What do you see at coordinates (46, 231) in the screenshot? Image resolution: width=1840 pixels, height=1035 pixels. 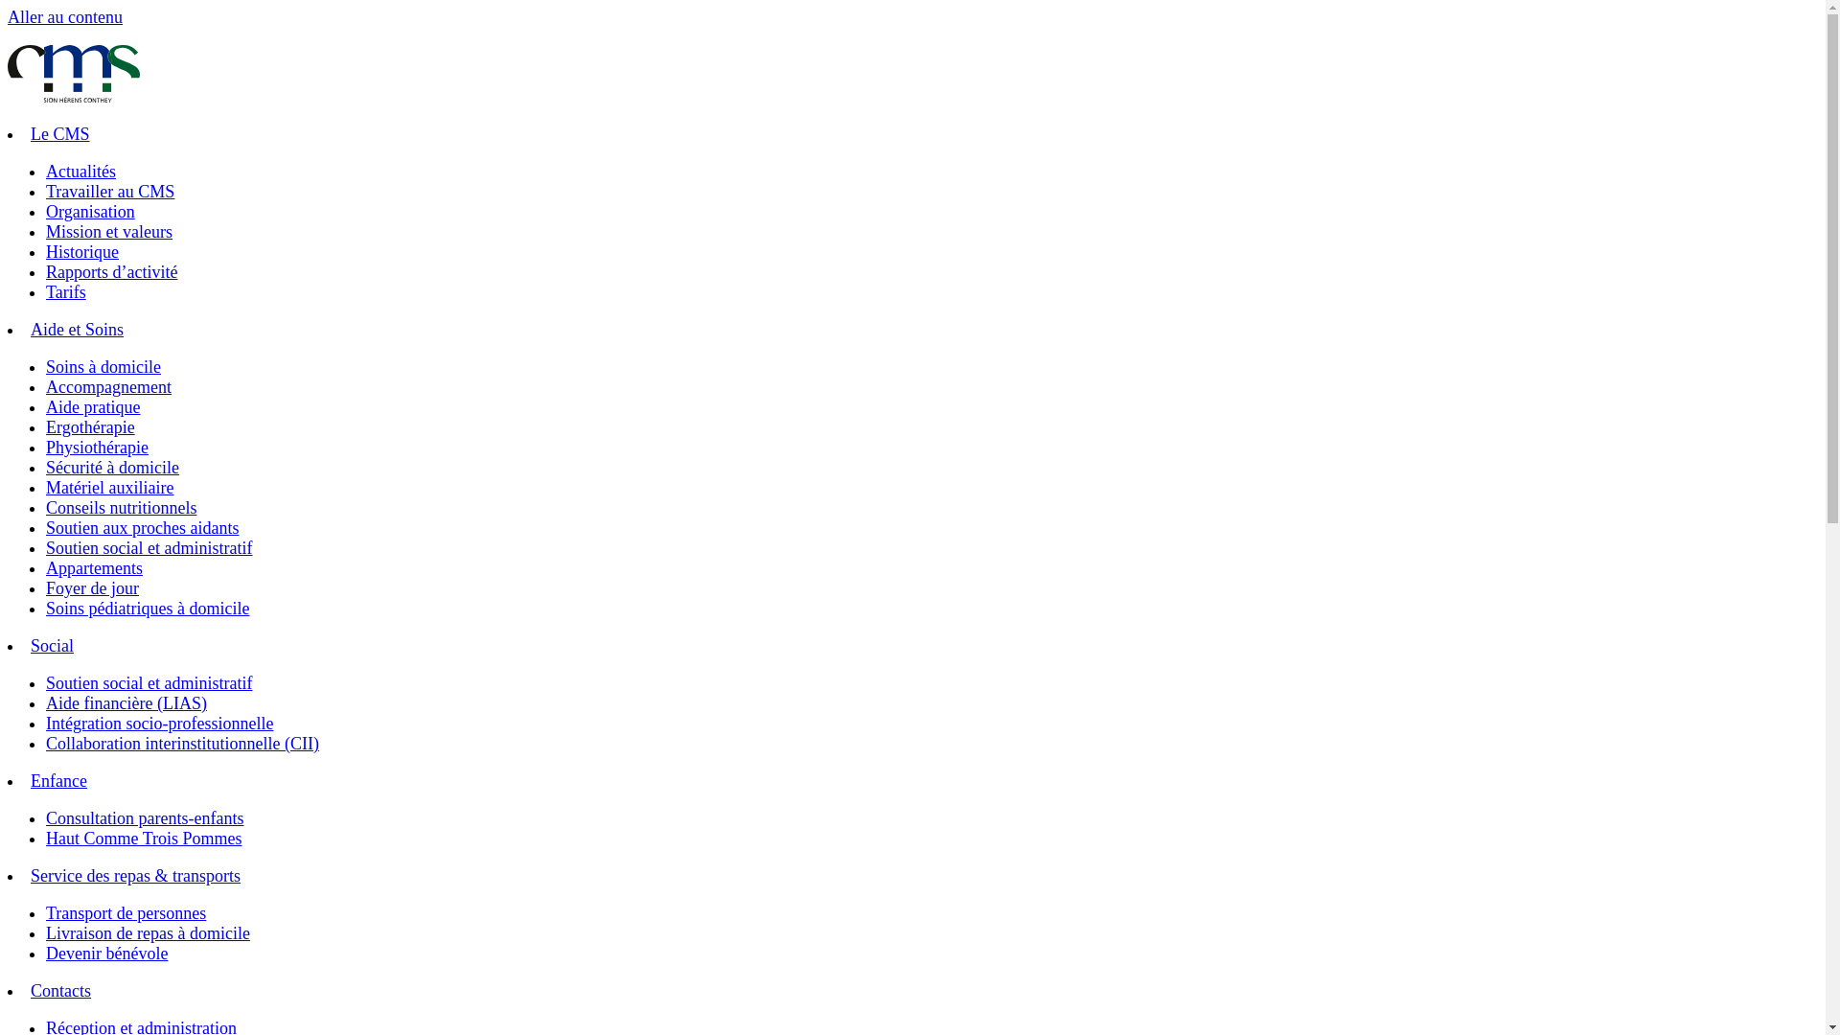 I see `'Mission et valeurs'` at bounding box center [46, 231].